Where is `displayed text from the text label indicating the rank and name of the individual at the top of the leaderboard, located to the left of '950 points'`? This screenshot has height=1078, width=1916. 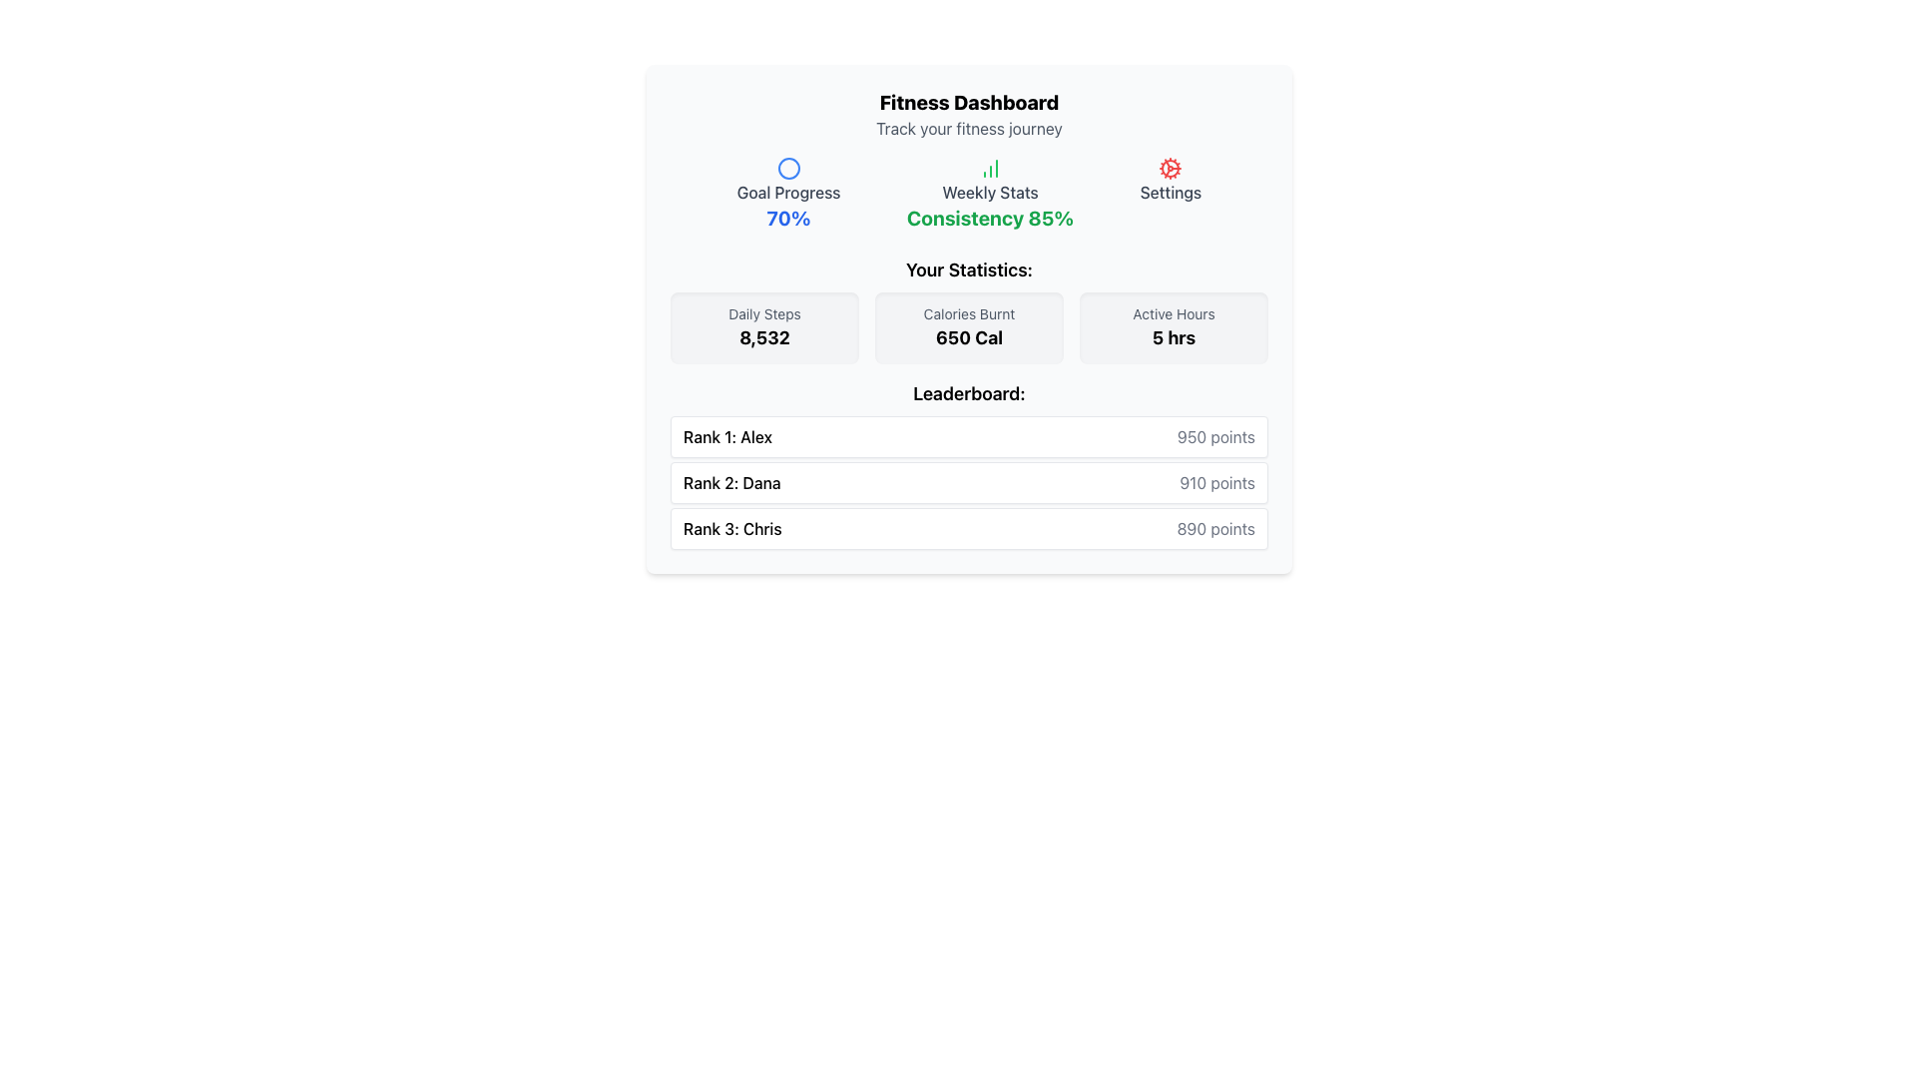 displayed text from the text label indicating the rank and name of the individual at the top of the leaderboard, located to the left of '950 points' is located at coordinates (726, 436).